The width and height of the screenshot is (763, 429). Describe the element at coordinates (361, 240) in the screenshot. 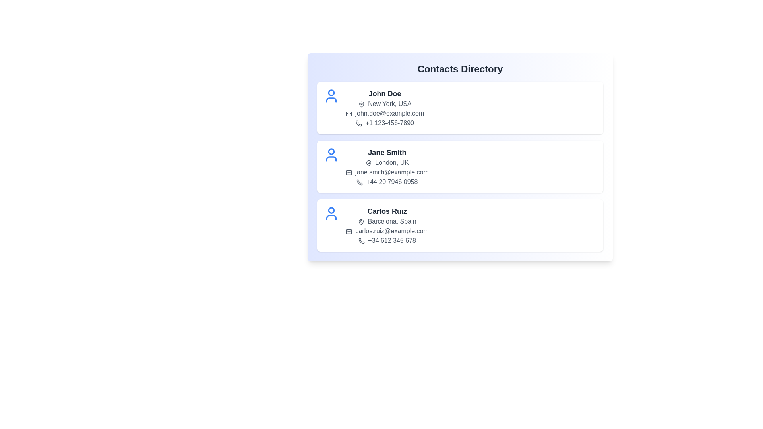

I see `the phone icon for the contact Carlos Ruiz` at that location.